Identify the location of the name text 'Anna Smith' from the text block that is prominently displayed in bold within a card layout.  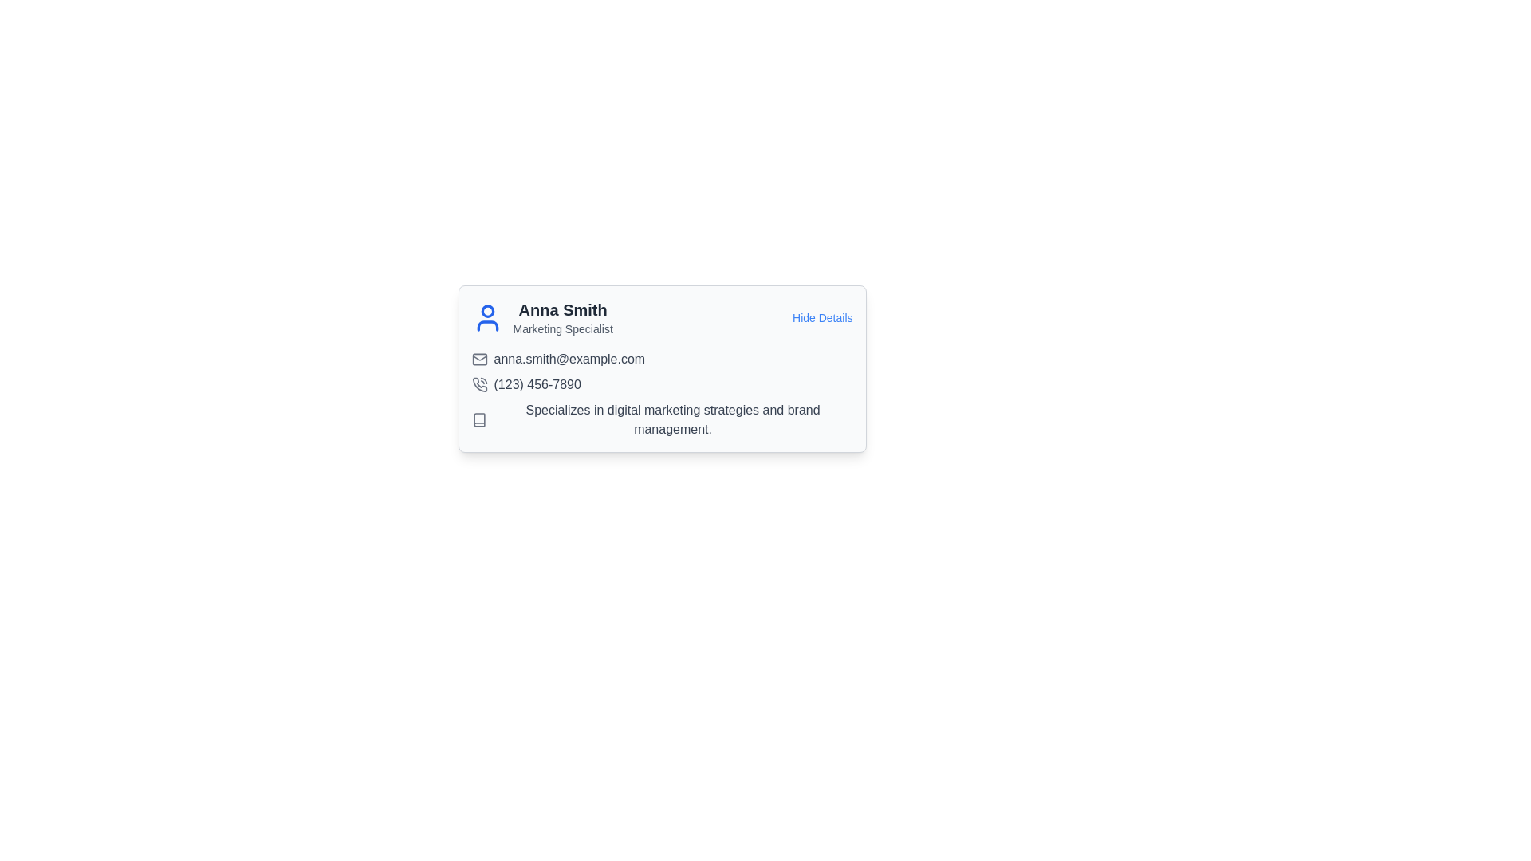
(563, 317).